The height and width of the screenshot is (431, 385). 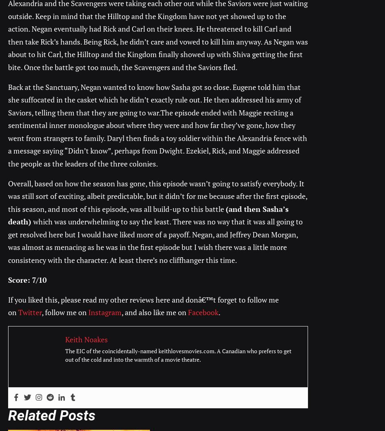 What do you see at coordinates (8, 196) in the screenshot?
I see `'Overall, based on how the season has gone, this episode wasn’t going to satisfy everybody. It was still sort of exciting, albeit predictable, but it didn’t for me because after the first episode, this season, and most of this episode, was all build-up to this battle'` at bounding box center [8, 196].